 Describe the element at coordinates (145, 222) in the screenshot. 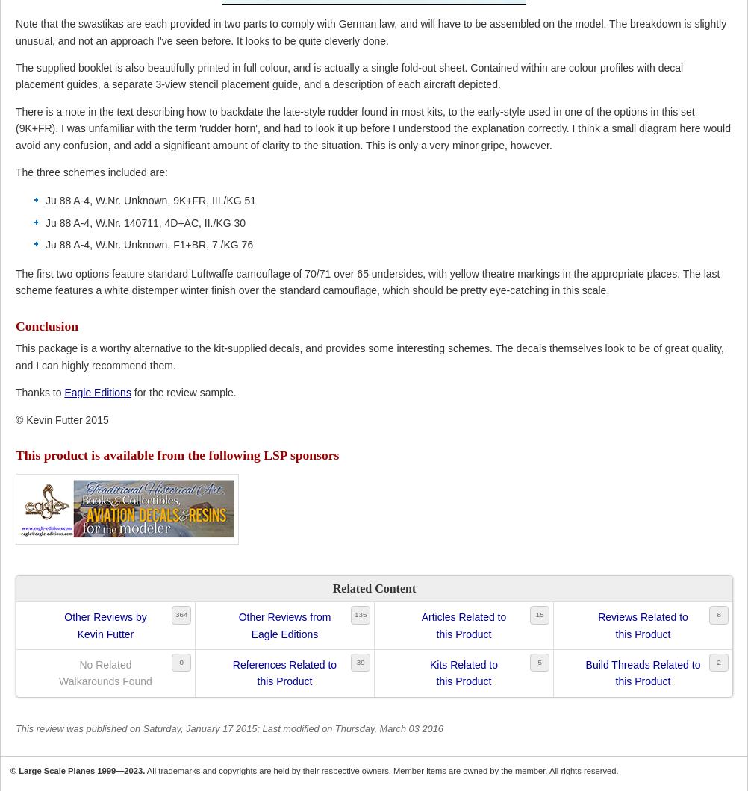

I see `'Ju 88 A-4, W.Nr. 140711, 4D+AC, II./KG 30'` at that location.